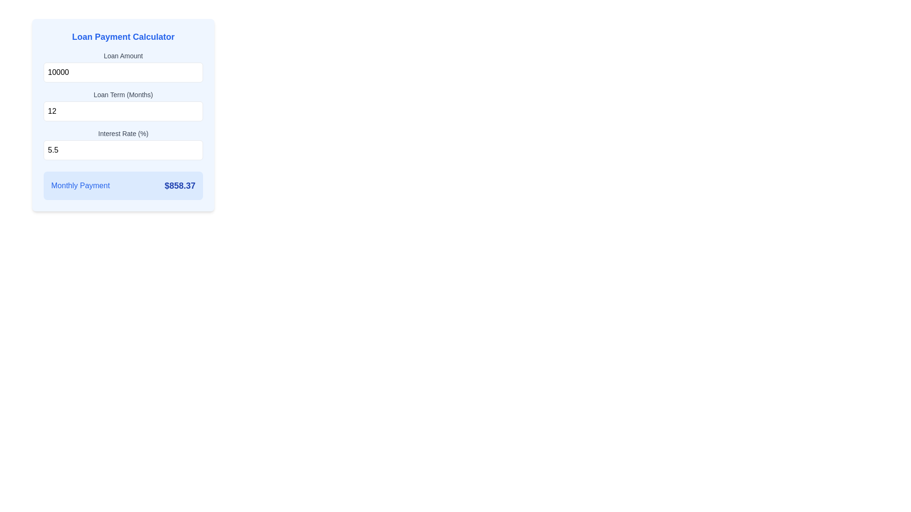 Image resolution: width=911 pixels, height=512 pixels. Describe the element at coordinates (122, 56) in the screenshot. I see `the 'Loan Amount' text label, which is styled in gray and positioned above the input field in the 'Loan Payment Calculator' form` at that location.